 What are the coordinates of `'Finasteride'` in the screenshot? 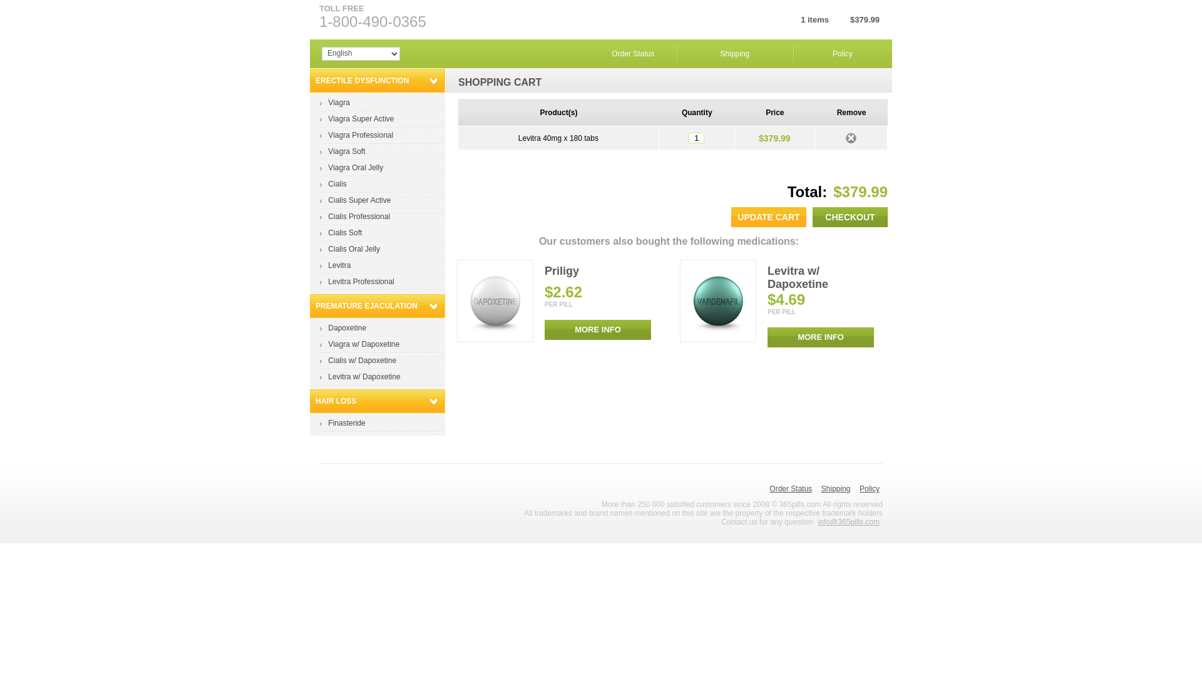 It's located at (327, 422).